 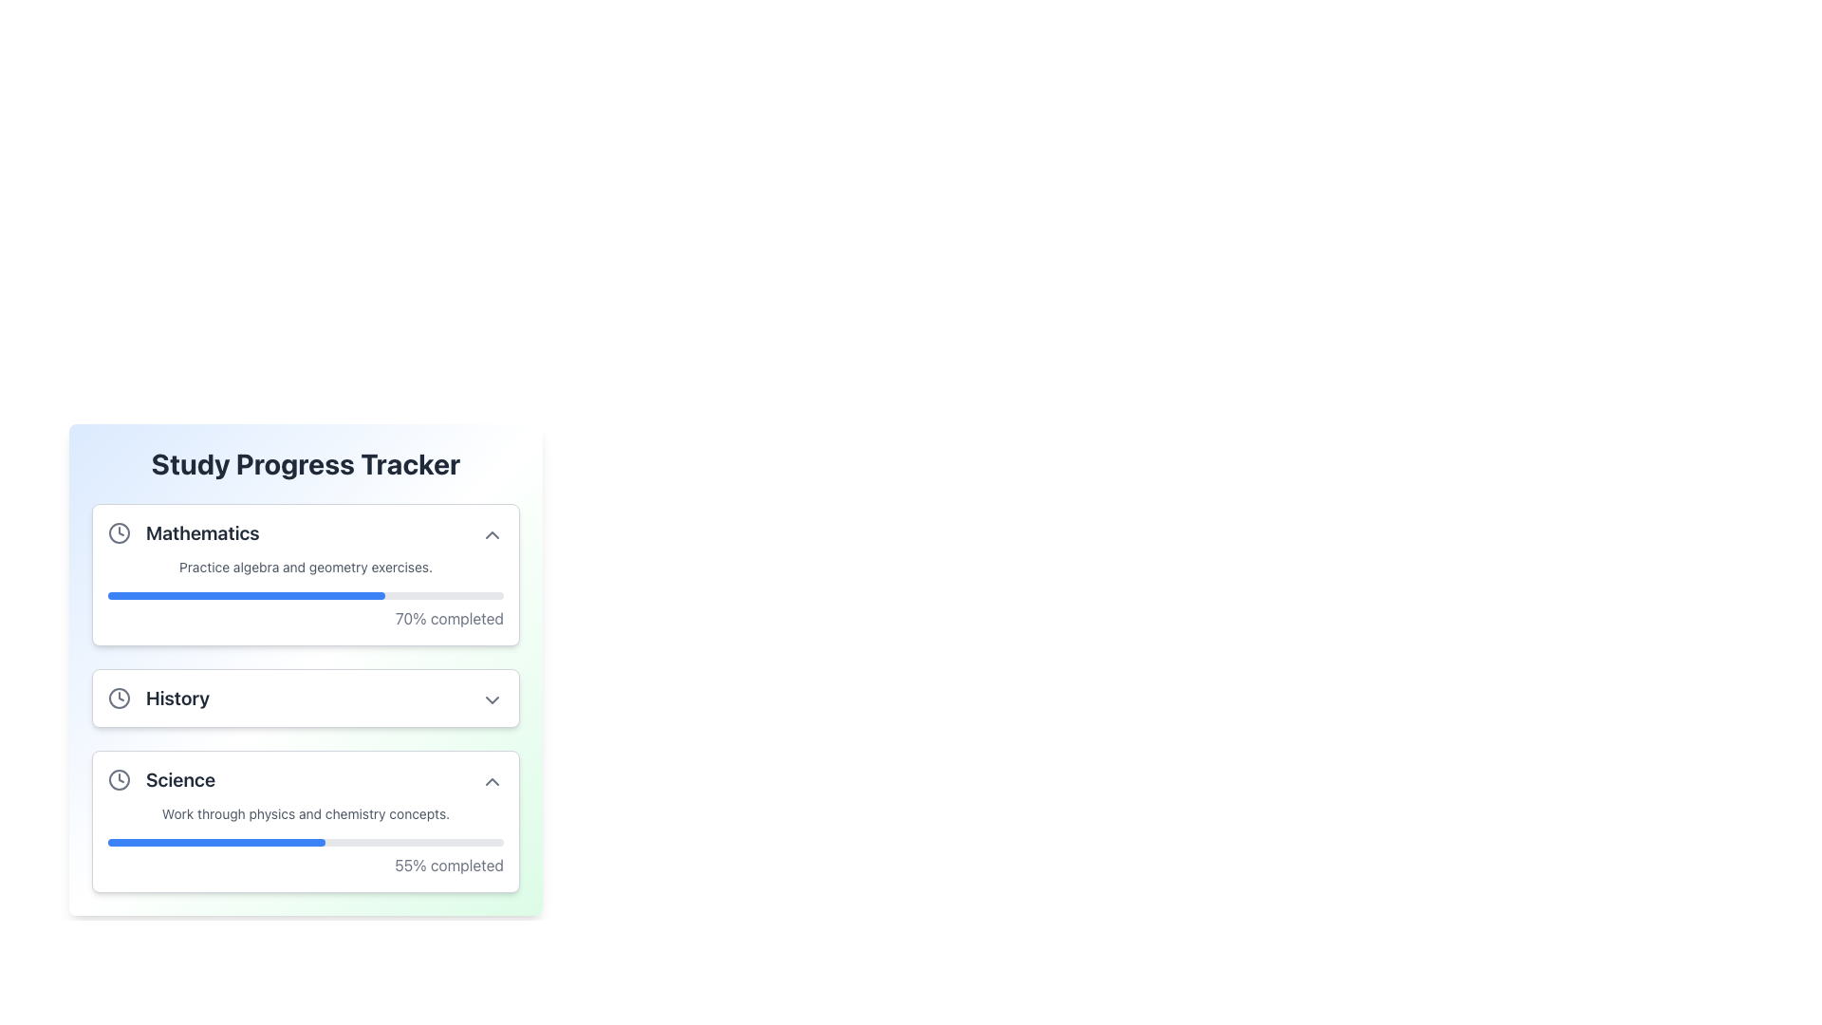 I want to click on the title text 'Study Progress Tracker', which is prominently styled and centered above the progress display for various subjects, so click(x=306, y=464).